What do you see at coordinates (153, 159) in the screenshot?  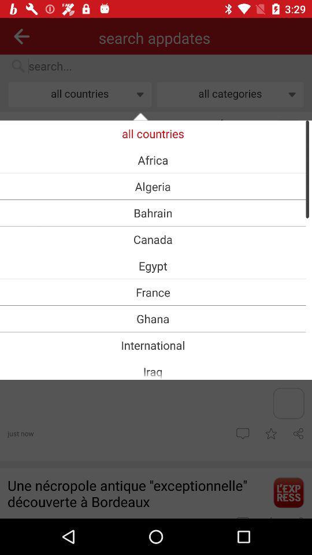 I see `item below all countries item` at bounding box center [153, 159].